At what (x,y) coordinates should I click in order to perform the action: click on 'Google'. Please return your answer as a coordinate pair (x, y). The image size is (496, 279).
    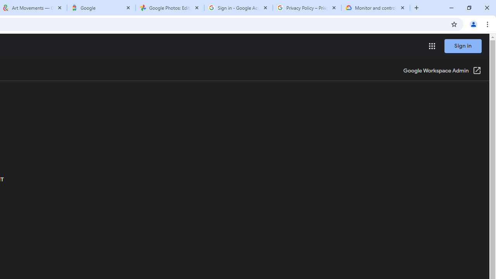
    Looking at the image, I should click on (101, 8).